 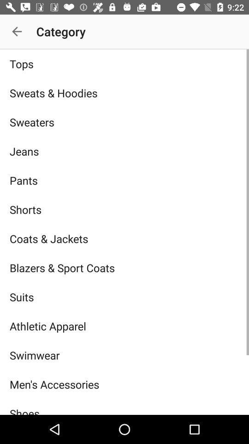 What do you see at coordinates (125, 268) in the screenshot?
I see `blazers & sport coats icon` at bounding box center [125, 268].